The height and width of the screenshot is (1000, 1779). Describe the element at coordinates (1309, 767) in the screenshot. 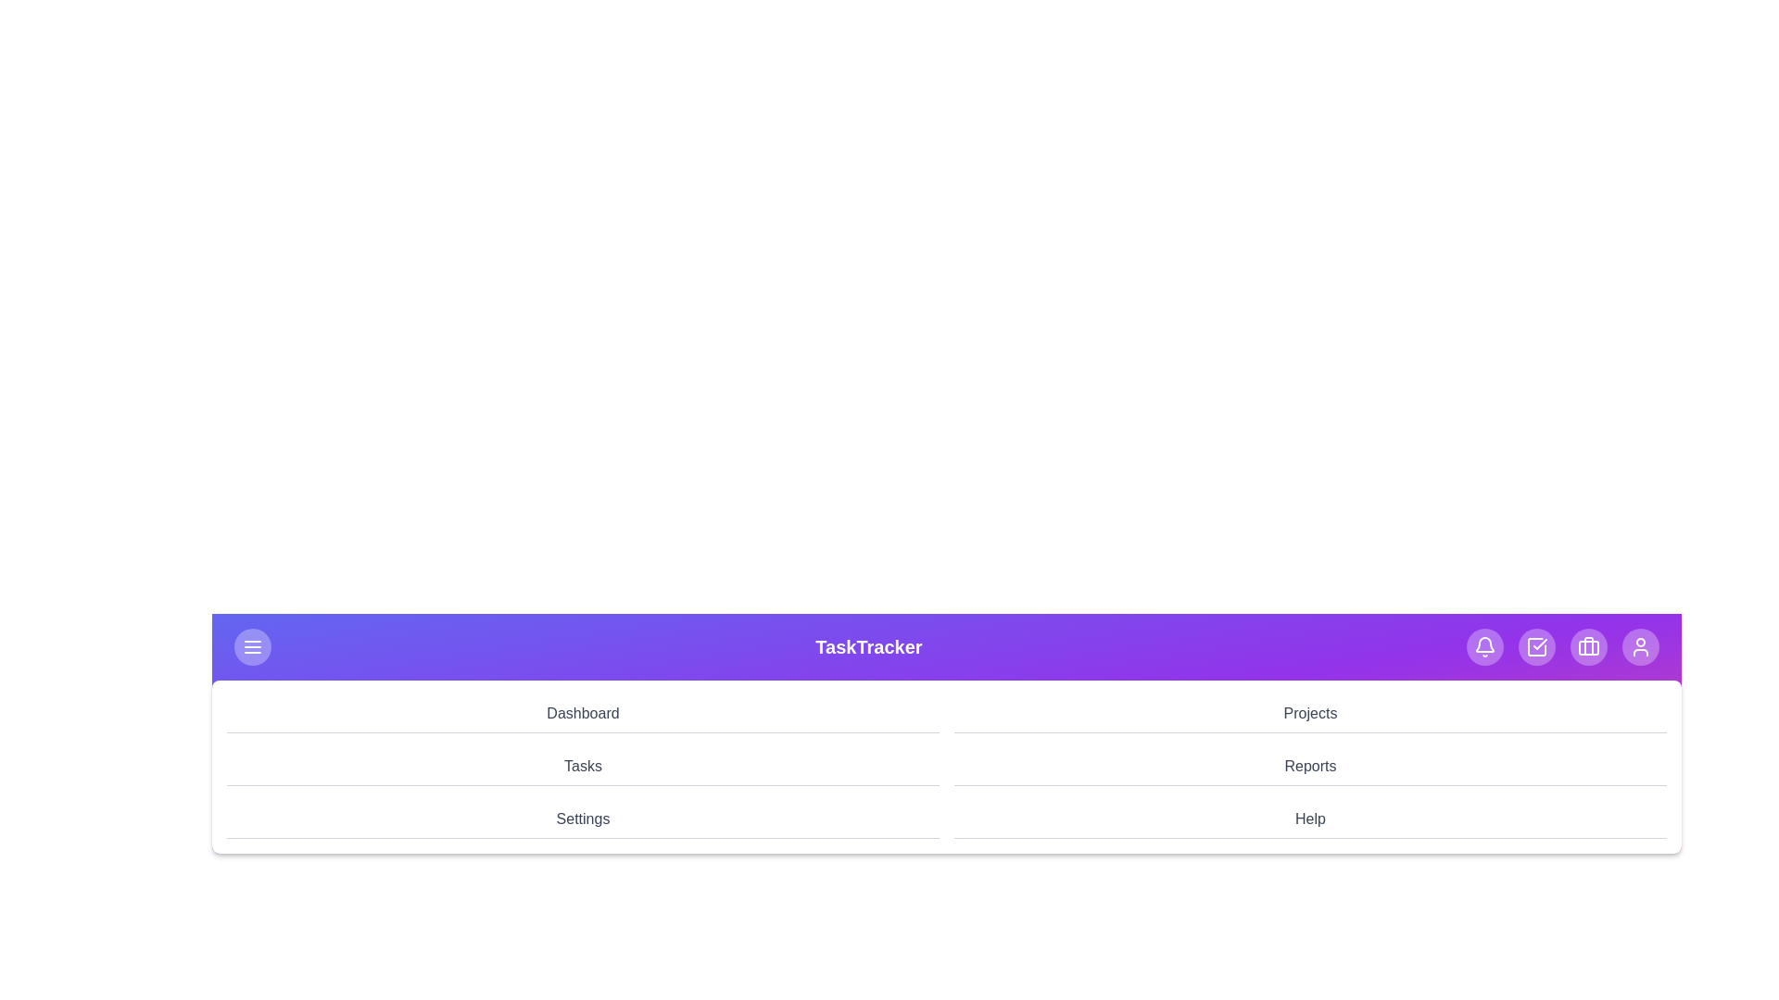

I see `the navigation menu item Reports` at that location.